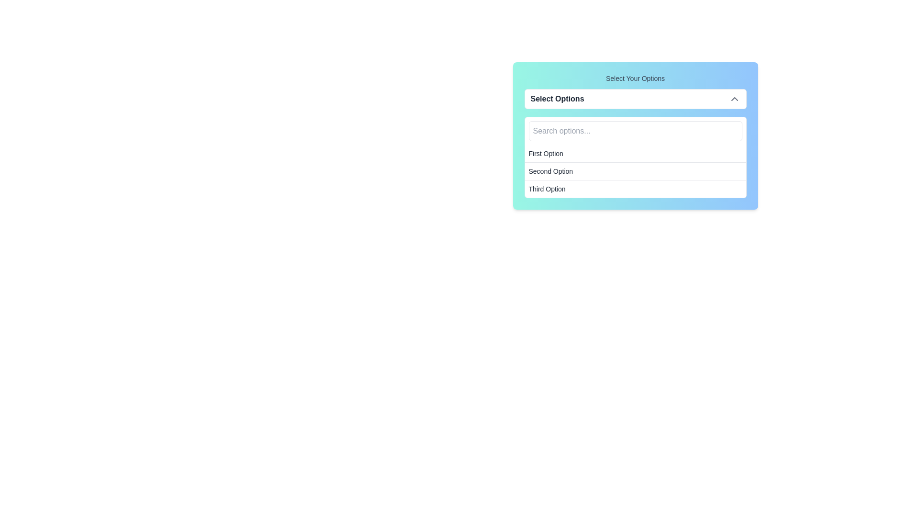 The width and height of the screenshot is (919, 517). Describe the element at coordinates (547, 189) in the screenshot. I see `the text label reading 'Third Option'` at that location.